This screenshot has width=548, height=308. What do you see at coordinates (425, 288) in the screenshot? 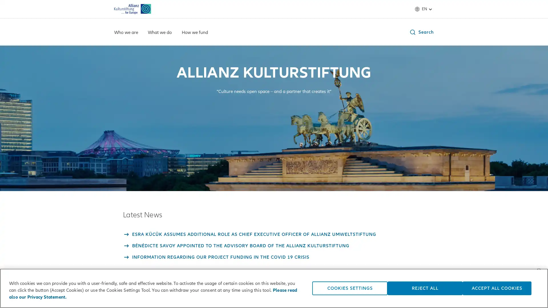
I see `REJECT ALL` at bounding box center [425, 288].